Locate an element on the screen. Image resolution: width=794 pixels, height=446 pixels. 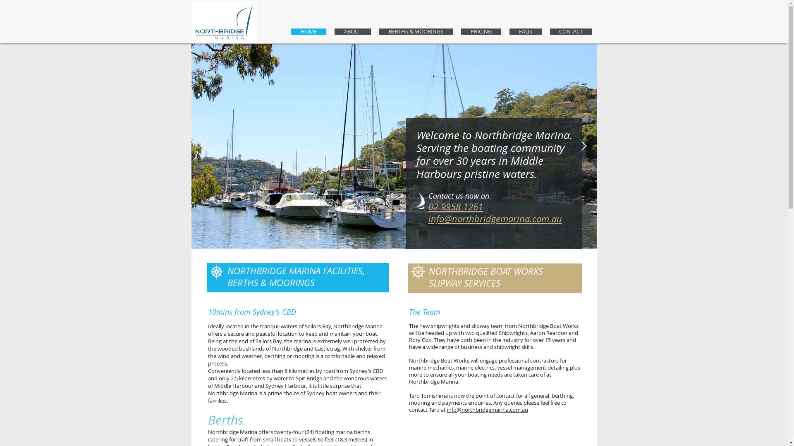
'ABOUT' is located at coordinates (352, 31).